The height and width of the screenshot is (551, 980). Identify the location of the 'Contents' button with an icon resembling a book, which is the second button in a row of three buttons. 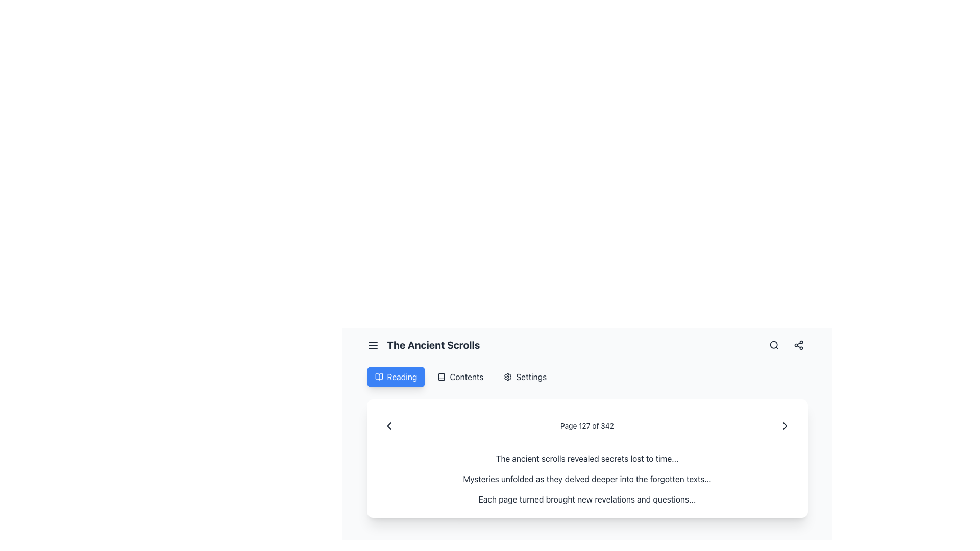
(460, 377).